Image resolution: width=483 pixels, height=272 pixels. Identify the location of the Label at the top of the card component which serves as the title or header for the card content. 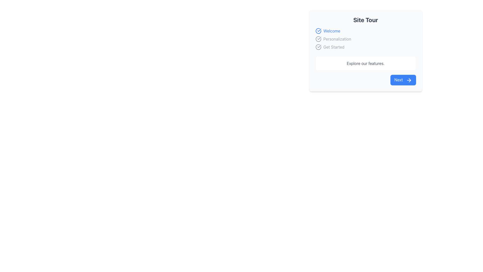
(366, 19).